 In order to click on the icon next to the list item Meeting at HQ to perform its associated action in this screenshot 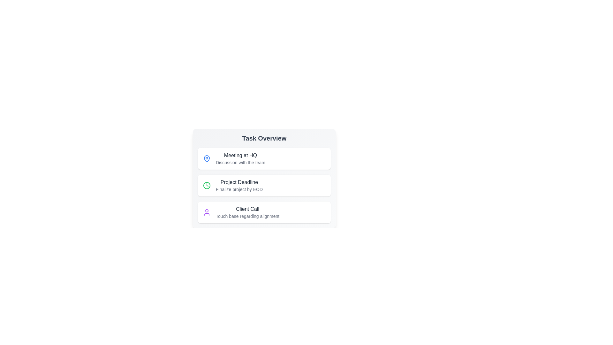, I will do `click(207, 158)`.